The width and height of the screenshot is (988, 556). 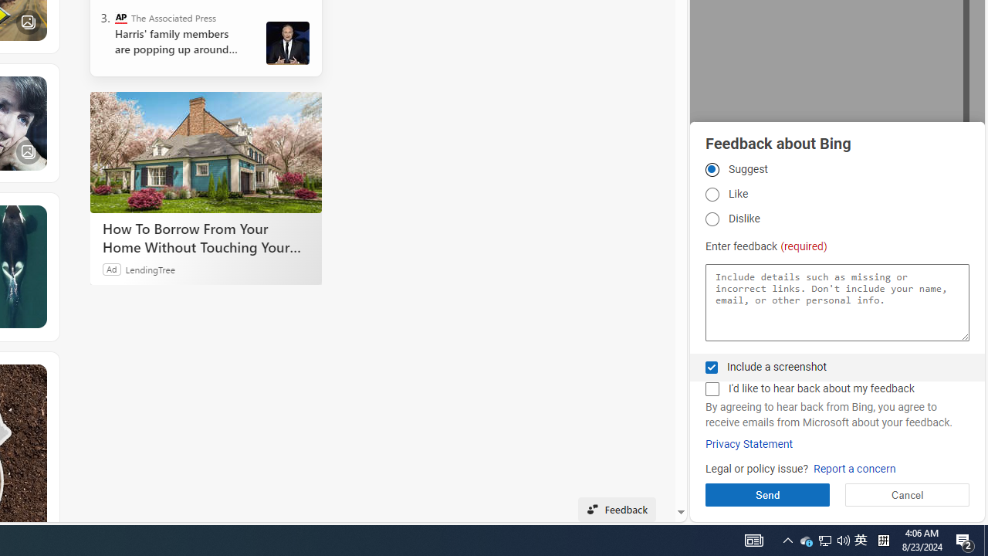 What do you see at coordinates (749, 444) in the screenshot?
I see `'Privacy Statement'` at bounding box center [749, 444].